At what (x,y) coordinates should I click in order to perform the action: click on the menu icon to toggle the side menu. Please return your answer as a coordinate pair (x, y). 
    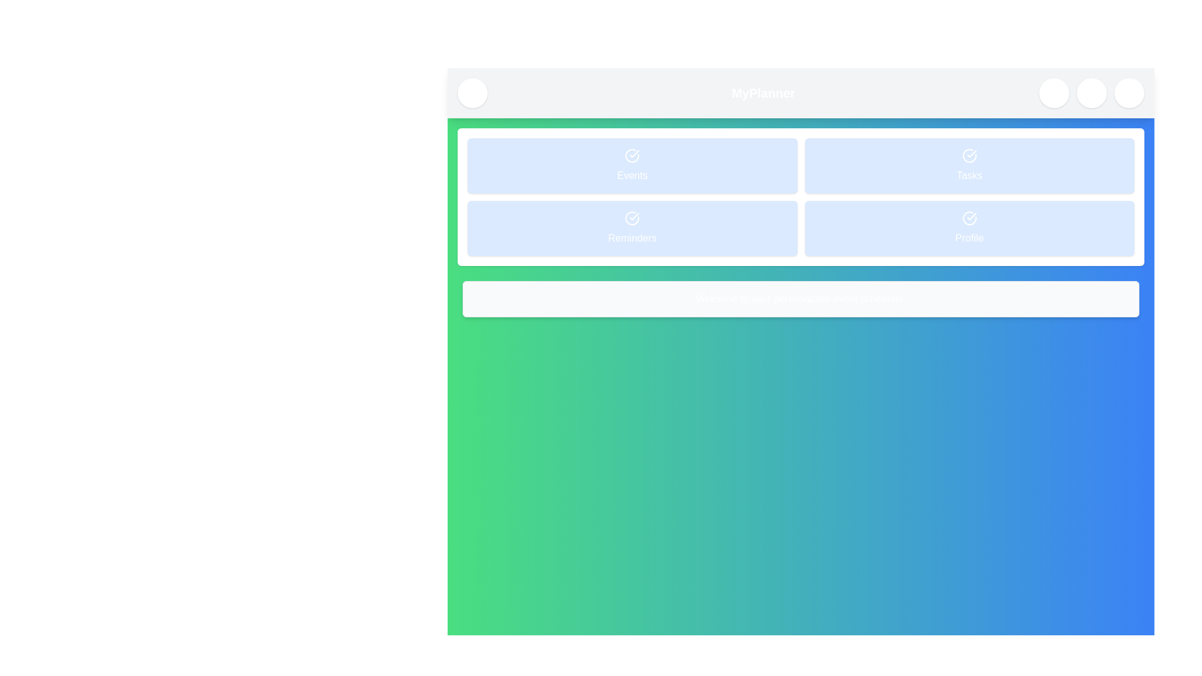
    Looking at the image, I should click on (471, 93).